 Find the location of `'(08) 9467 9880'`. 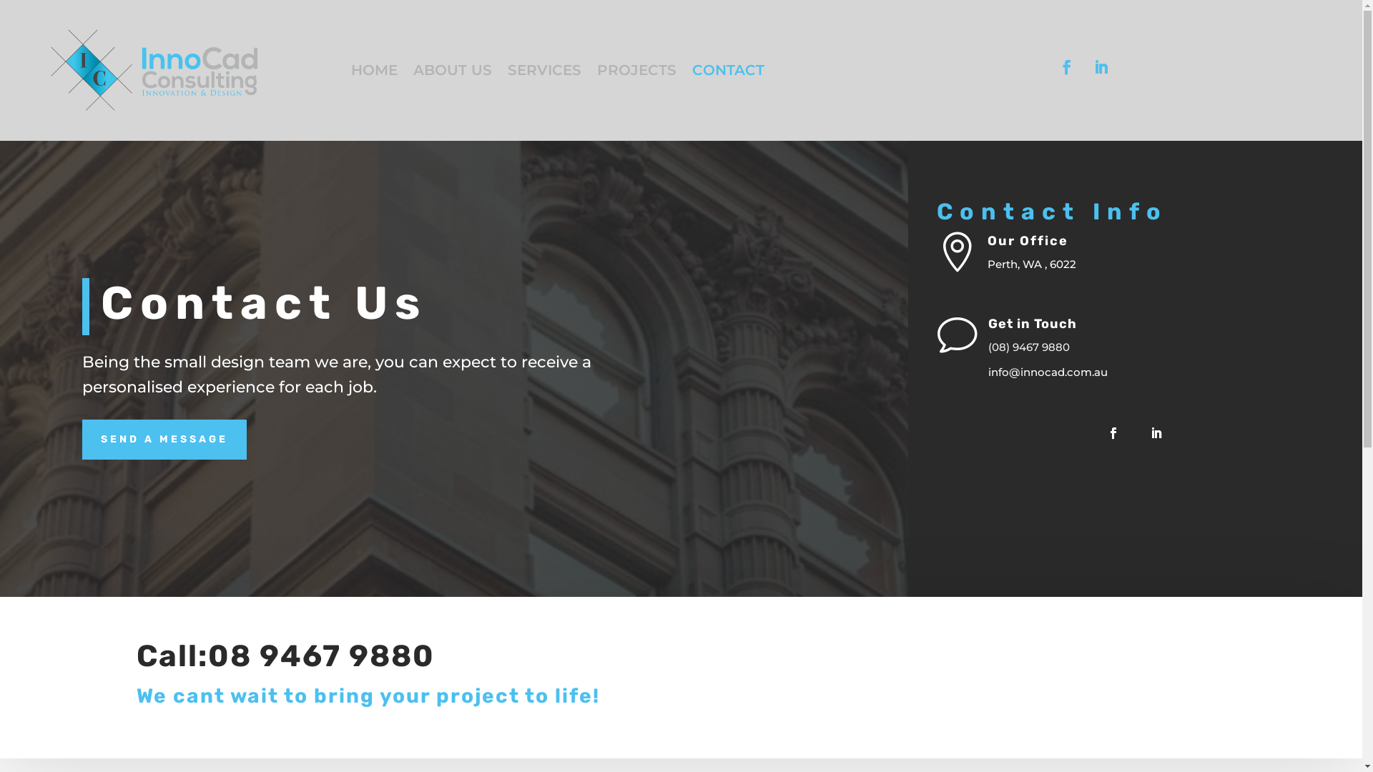

'(08) 9467 9880' is located at coordinates (1028, 347).